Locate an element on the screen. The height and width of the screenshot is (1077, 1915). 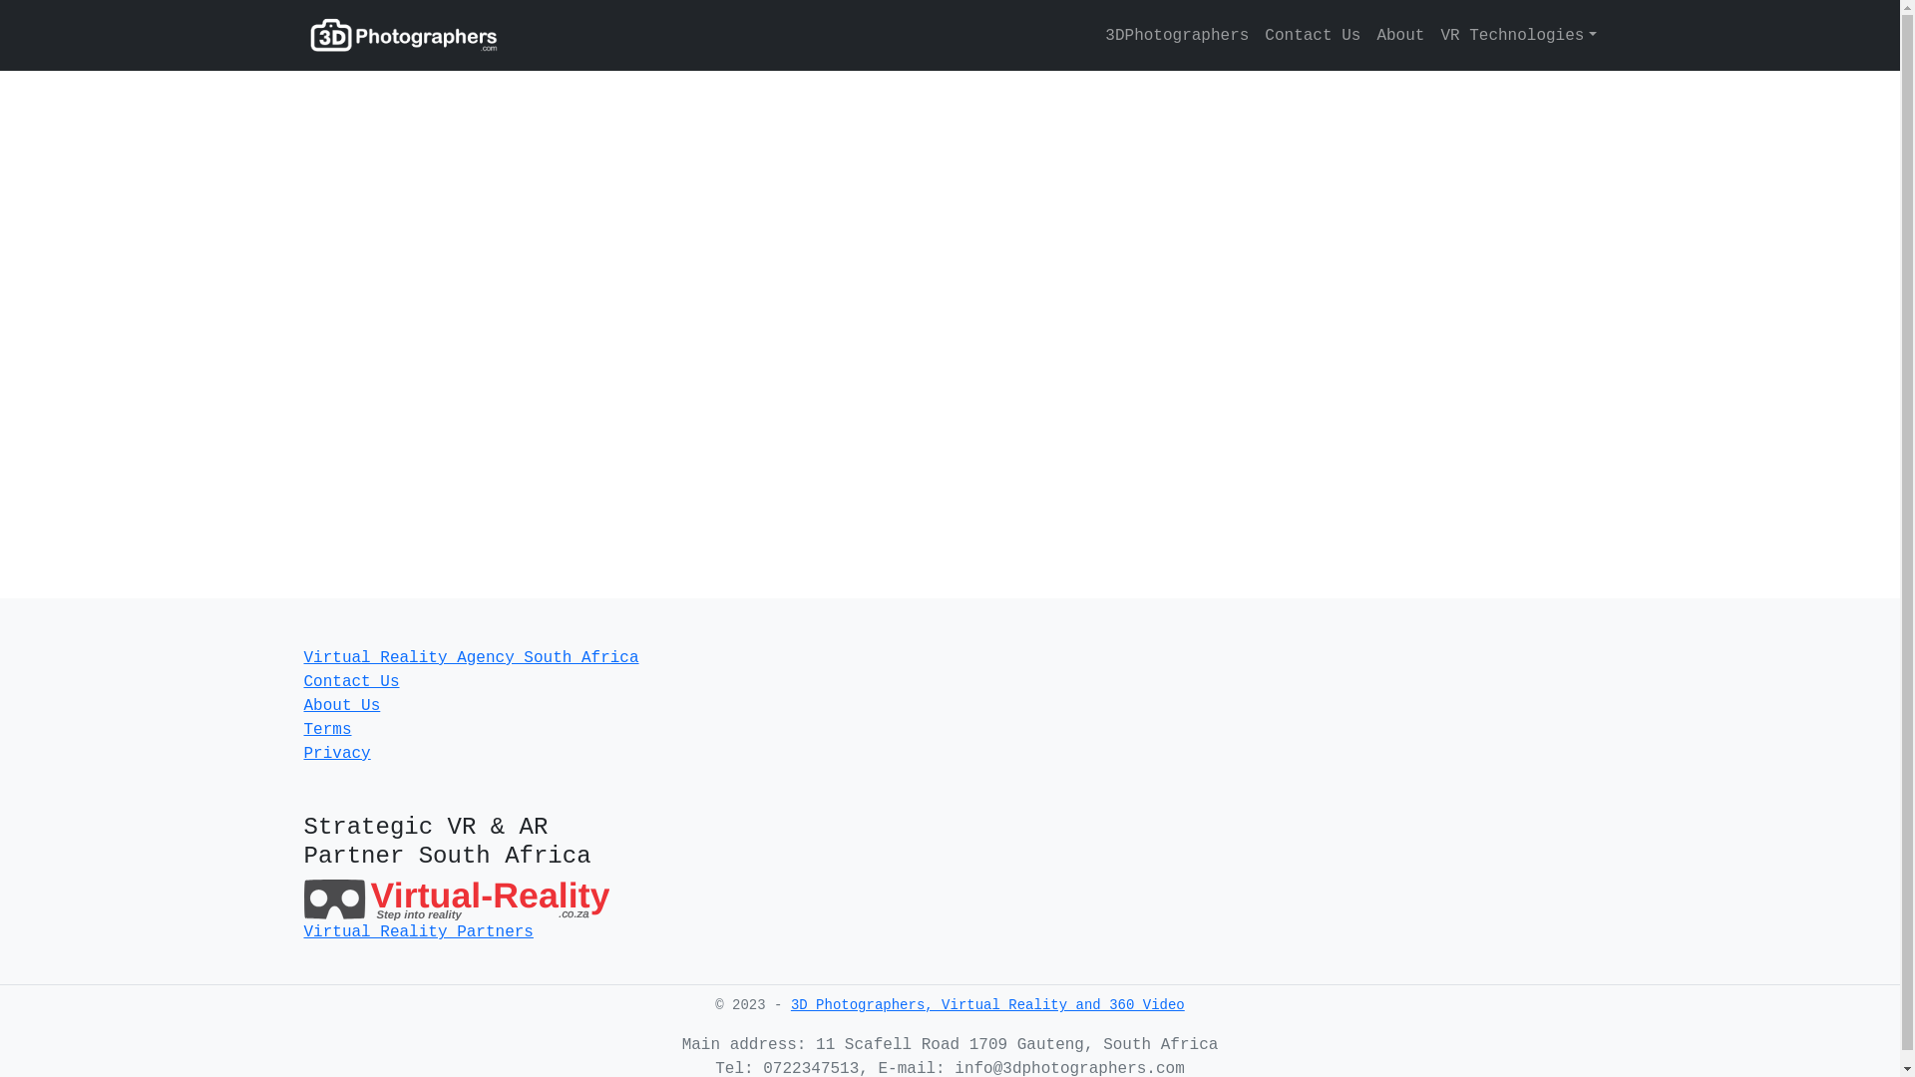
'Privacy' is located at coordinates (336, 754).